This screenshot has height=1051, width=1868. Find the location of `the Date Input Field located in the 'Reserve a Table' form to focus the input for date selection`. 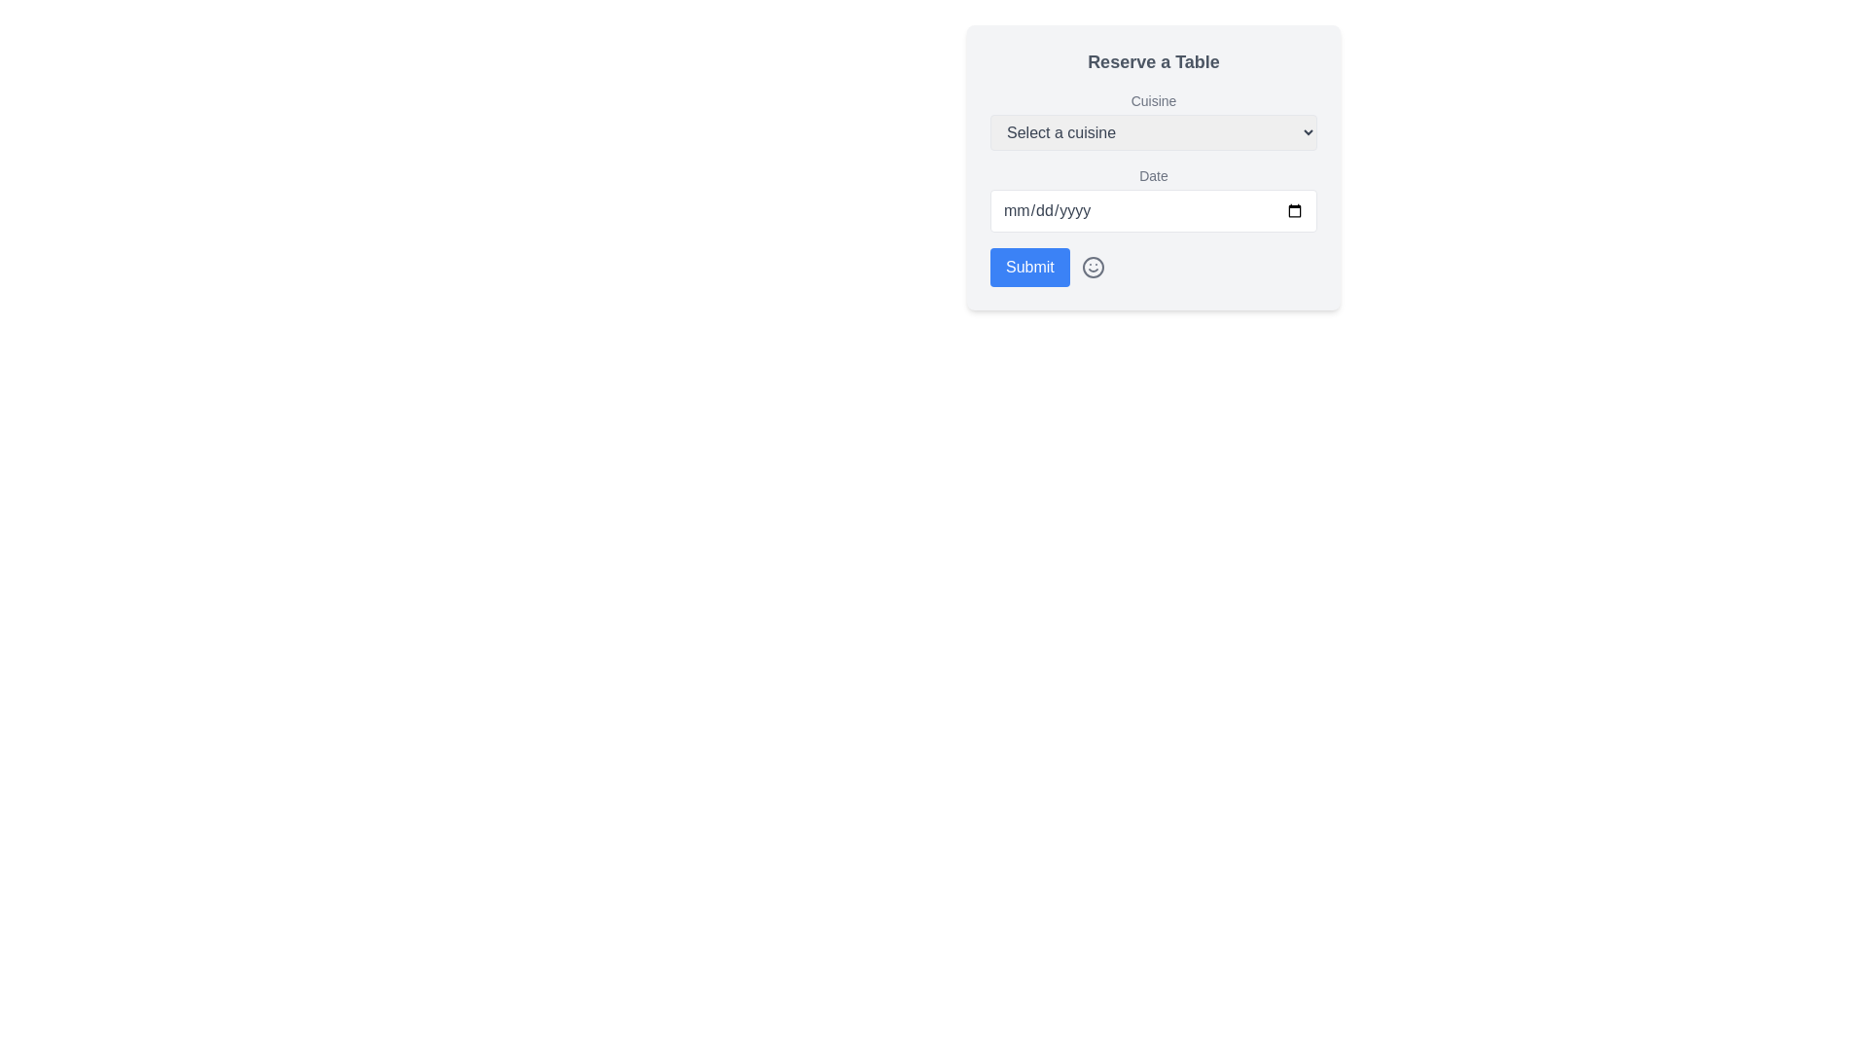

the Date Input Field located in the 'Reserve a Table' form to focus the input for date selection is located at coordinates (1153, 199).